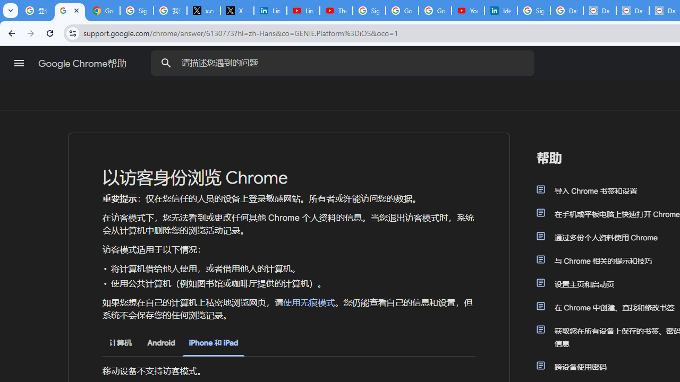  I want to click on 'Android', so click(160, 343).